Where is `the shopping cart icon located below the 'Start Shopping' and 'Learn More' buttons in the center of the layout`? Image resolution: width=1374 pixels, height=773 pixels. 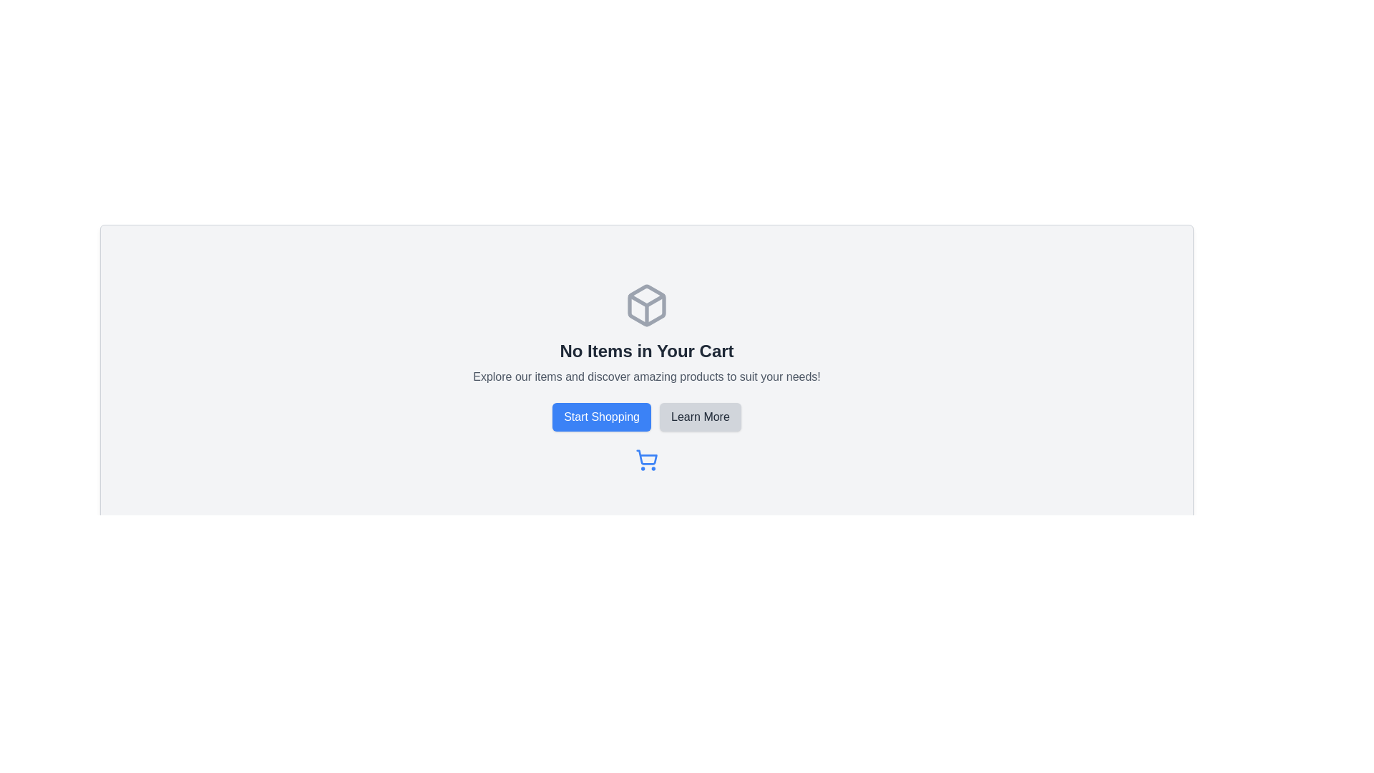 the shopping cart icon located below the 'Start Shopping' and 'Learn More' buttons in the center of the layout is located at coordinates (645, 460).